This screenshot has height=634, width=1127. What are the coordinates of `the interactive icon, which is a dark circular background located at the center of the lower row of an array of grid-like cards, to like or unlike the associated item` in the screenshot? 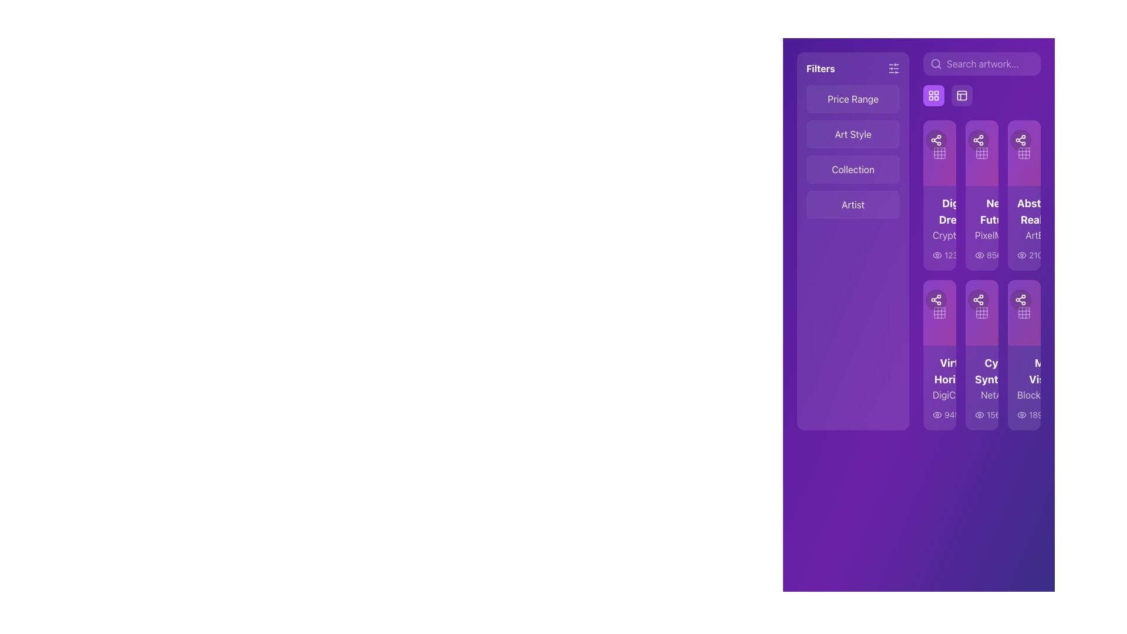 It's located at (952, 299).